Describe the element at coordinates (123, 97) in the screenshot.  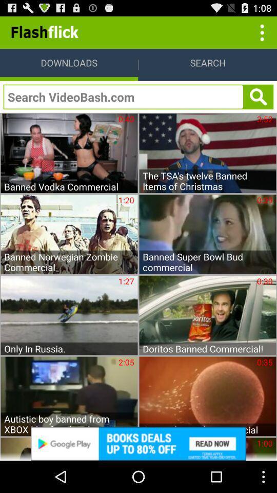
I see `the text field` at that location.